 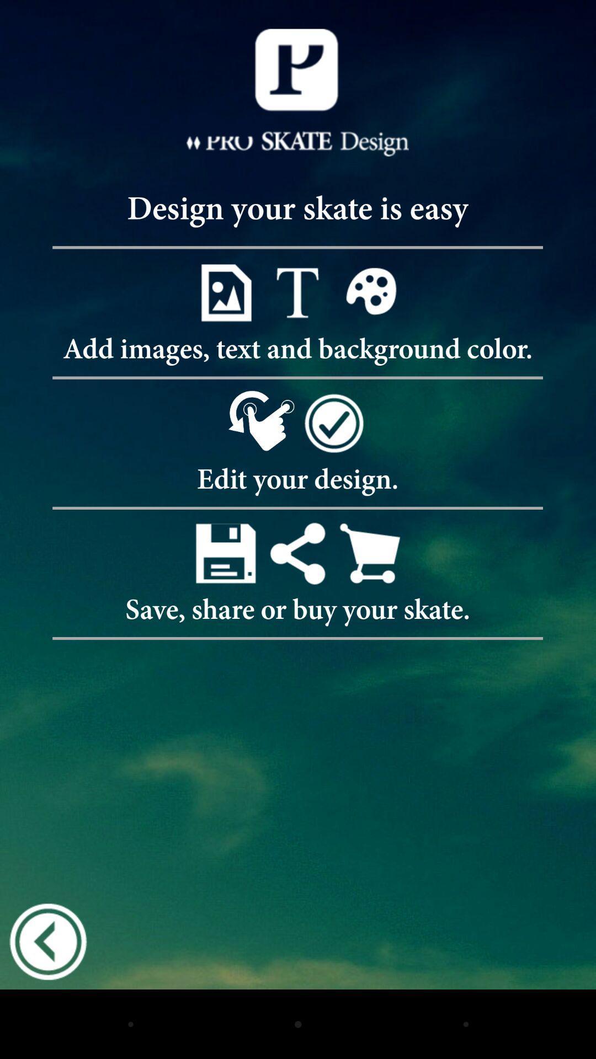 What do you see at coordinates (370, 292) in the screenshot?
I see `open background color option` at bounding box center [370, 292].